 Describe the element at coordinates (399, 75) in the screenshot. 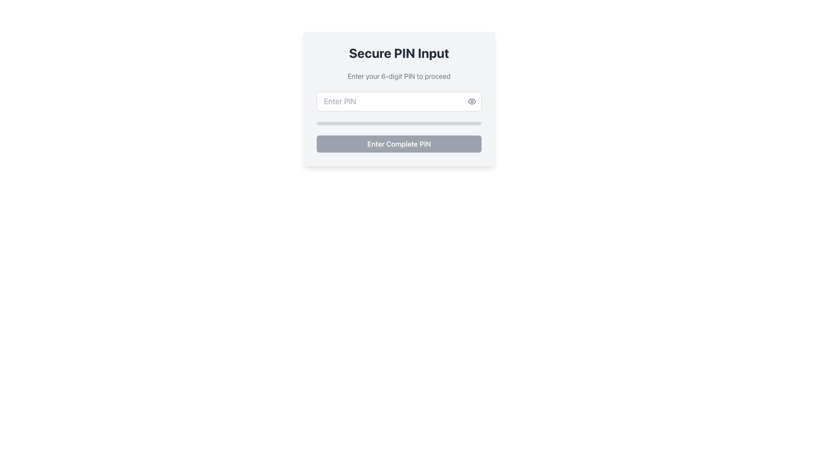

I see `instruction from the Text Label that provides guidance to the user to 'Enter your 6-digit PIN to proceed'. This Text Label is located below the header 'Secure PIN Input'` at that location.